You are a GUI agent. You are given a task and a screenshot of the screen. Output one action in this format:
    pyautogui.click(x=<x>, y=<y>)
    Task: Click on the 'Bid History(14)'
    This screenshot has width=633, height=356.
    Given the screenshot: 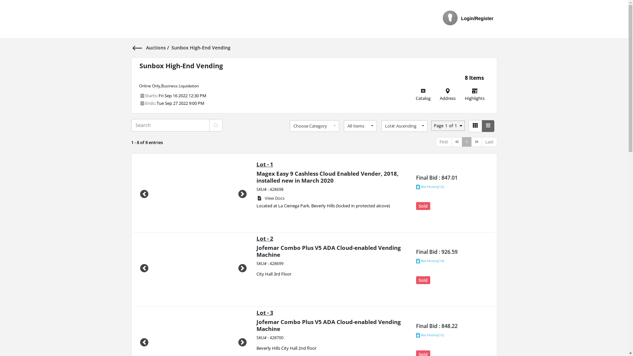 What is the action you would take?
    pyautogui.click(x=430, y=260)
    